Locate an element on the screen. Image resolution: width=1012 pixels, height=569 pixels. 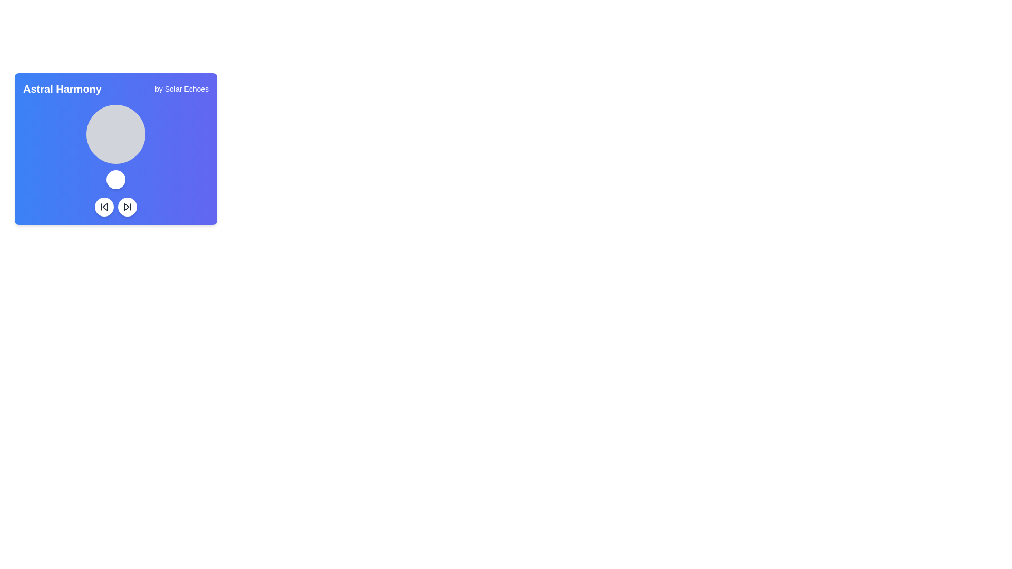
the backward skip button, which is a triangular element located within a circular button at the lower-left section of the interface is located at coordinates (105, 207).